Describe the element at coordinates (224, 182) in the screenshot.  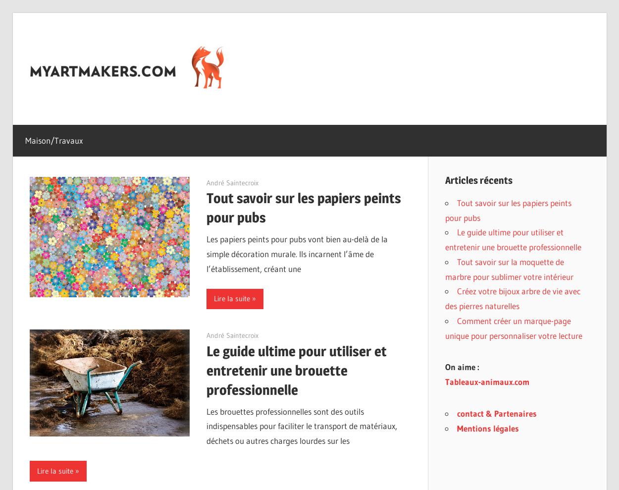
I see `'24/10/2023'` at that location.